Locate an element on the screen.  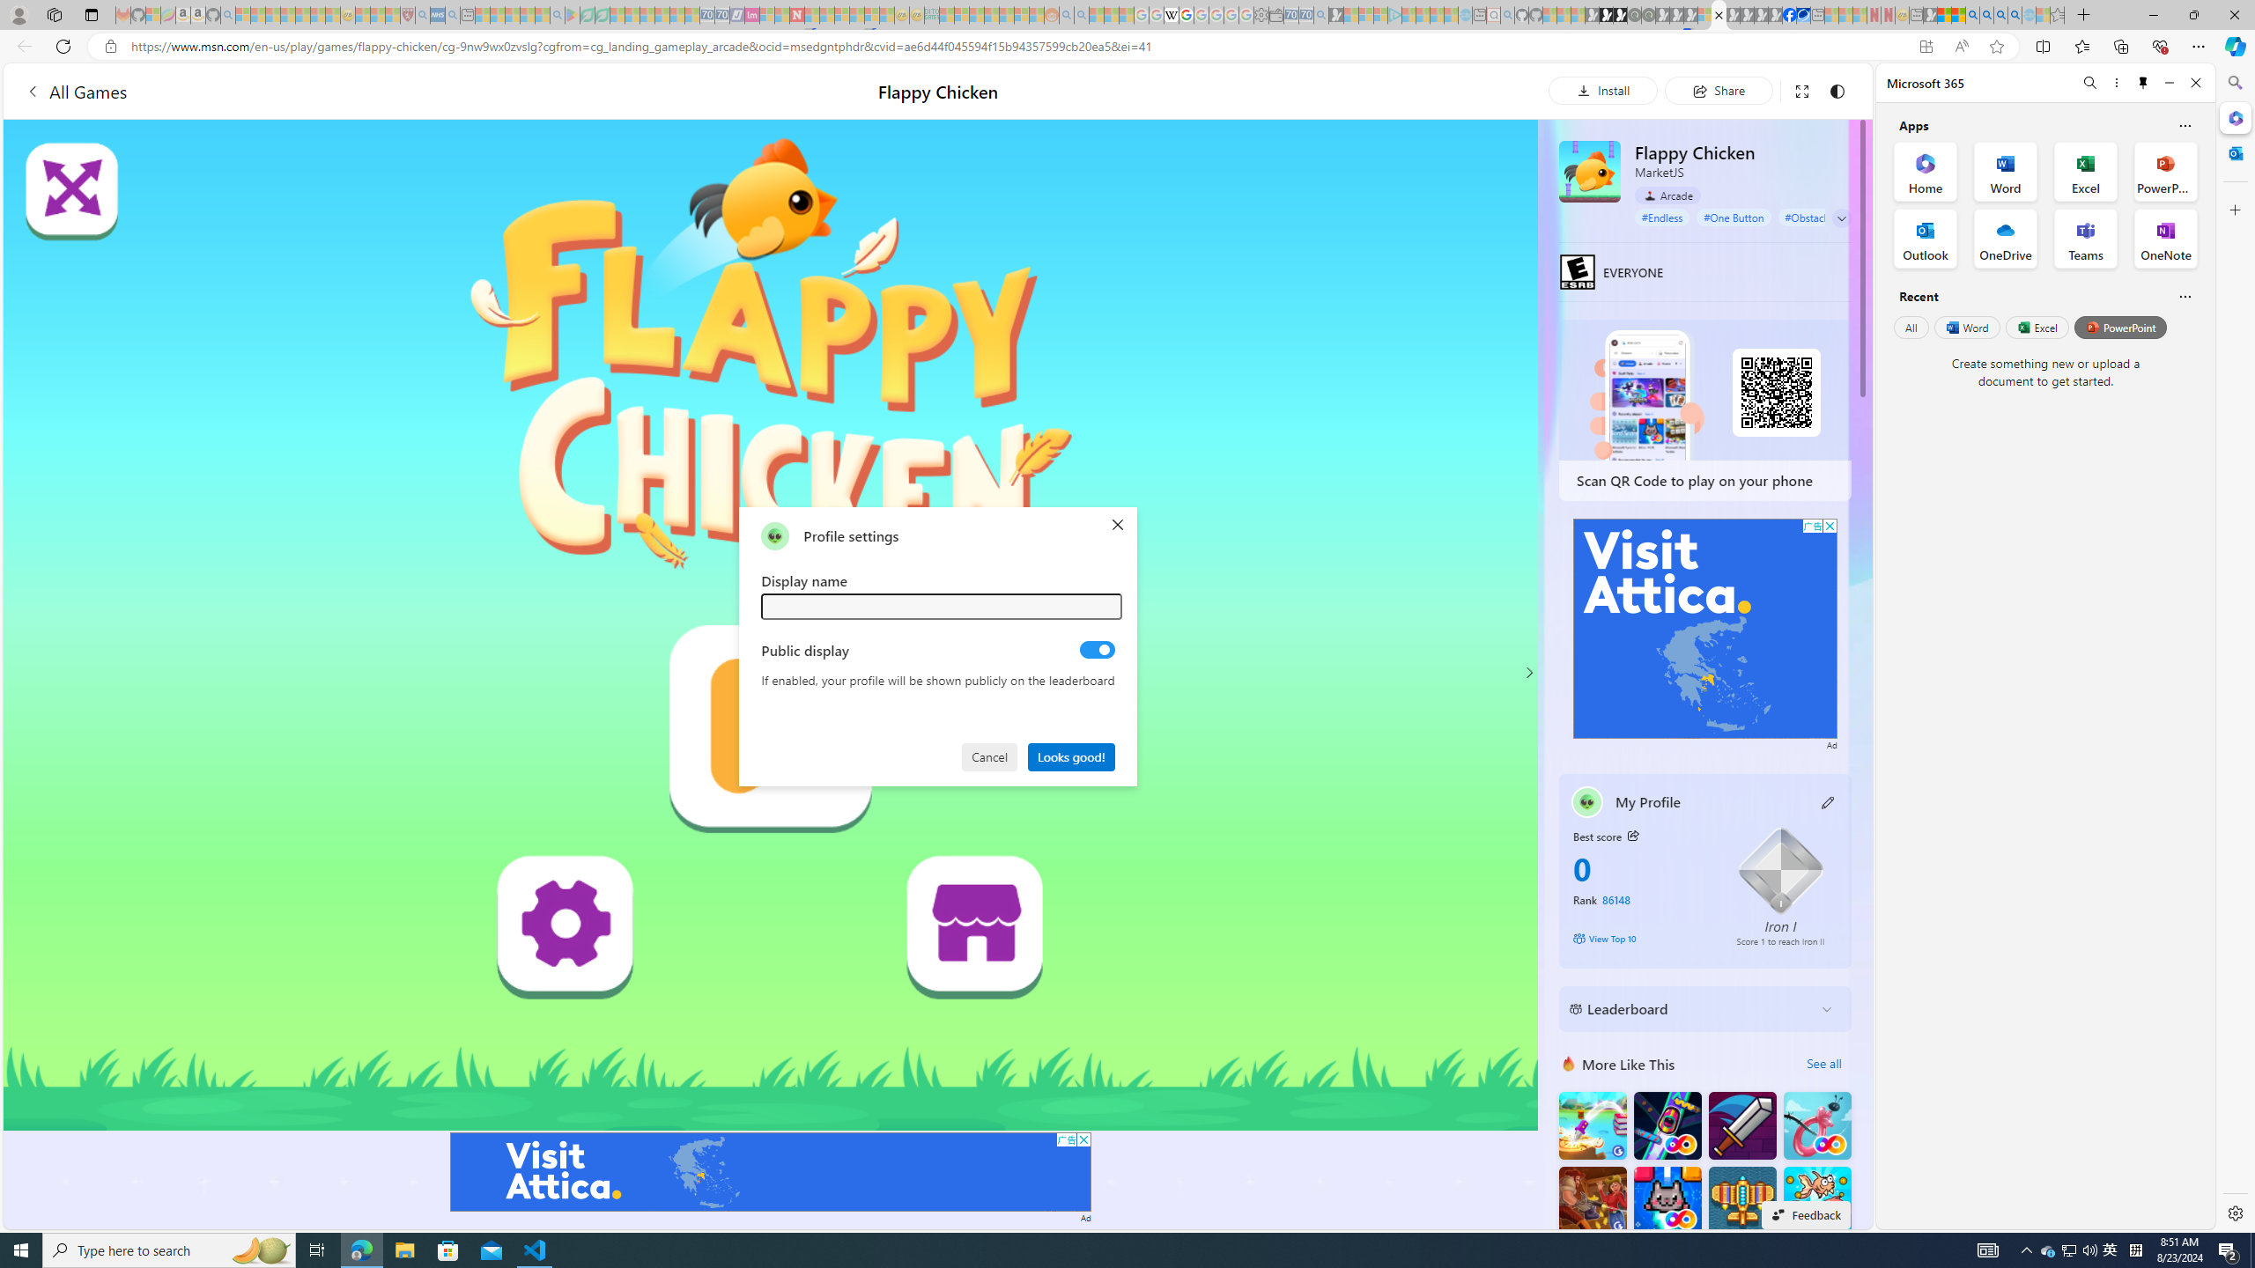
'Kitten Force FRVR' is located at coordinates (1667, 1199).